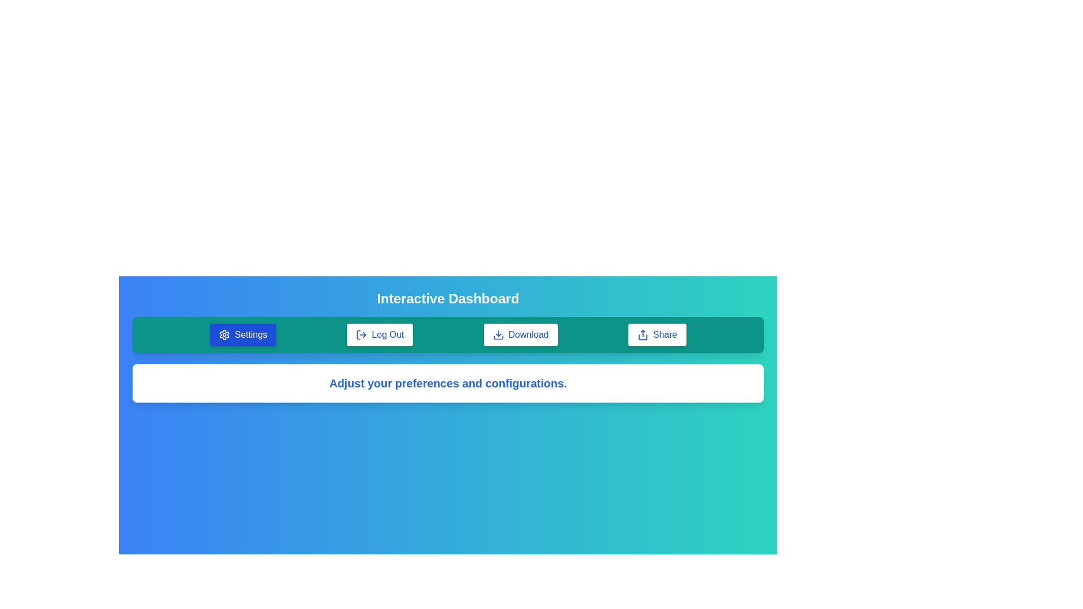 This screenshot has width=1083, height=609. What do you see at coordinates (520, 334) in the screenshot?
I see `the Download button to trigger its functionality` at bounding box center [520, 334].